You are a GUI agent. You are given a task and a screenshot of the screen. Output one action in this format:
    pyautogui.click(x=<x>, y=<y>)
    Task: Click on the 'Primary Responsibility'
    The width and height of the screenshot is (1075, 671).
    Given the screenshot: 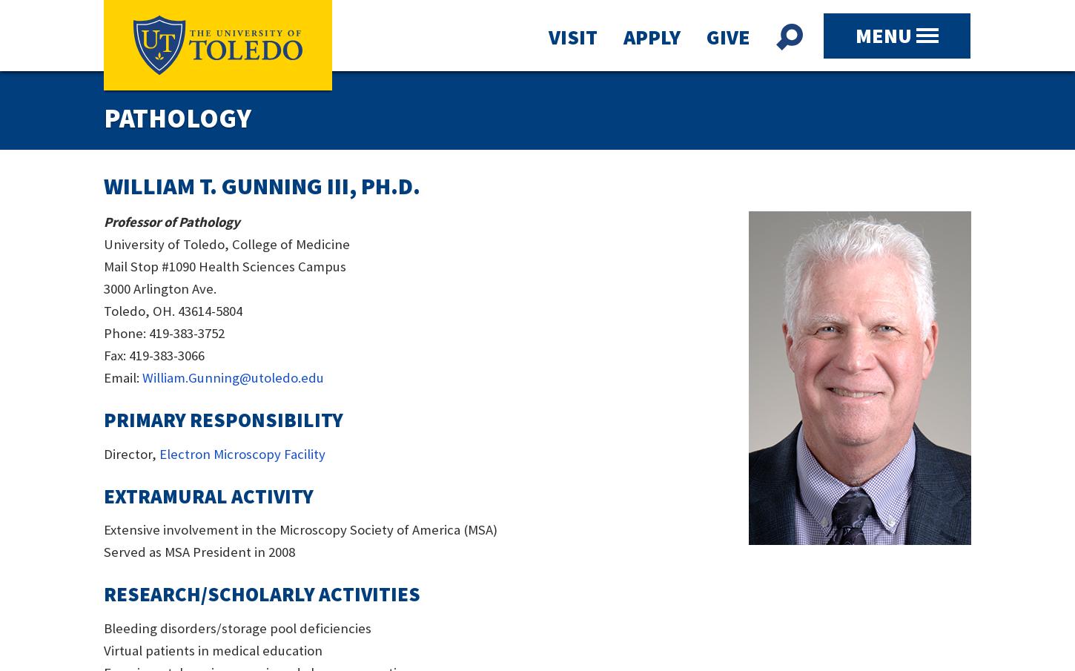 What is the action you would take?
    pyautogui.click(x=223, y=419)
    